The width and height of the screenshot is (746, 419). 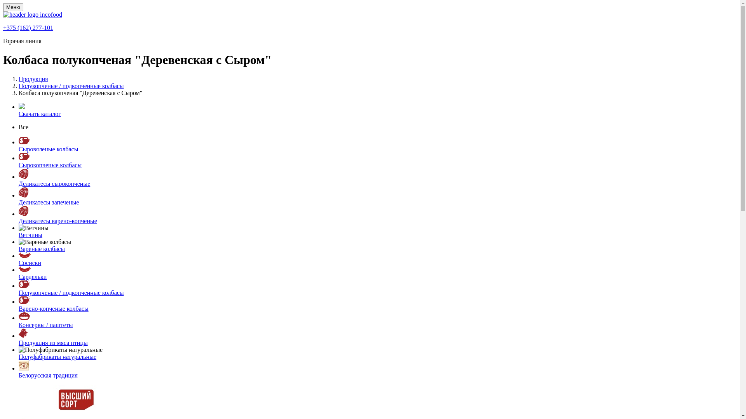 I want to click on 'header logo', so click(x=32, y=14).